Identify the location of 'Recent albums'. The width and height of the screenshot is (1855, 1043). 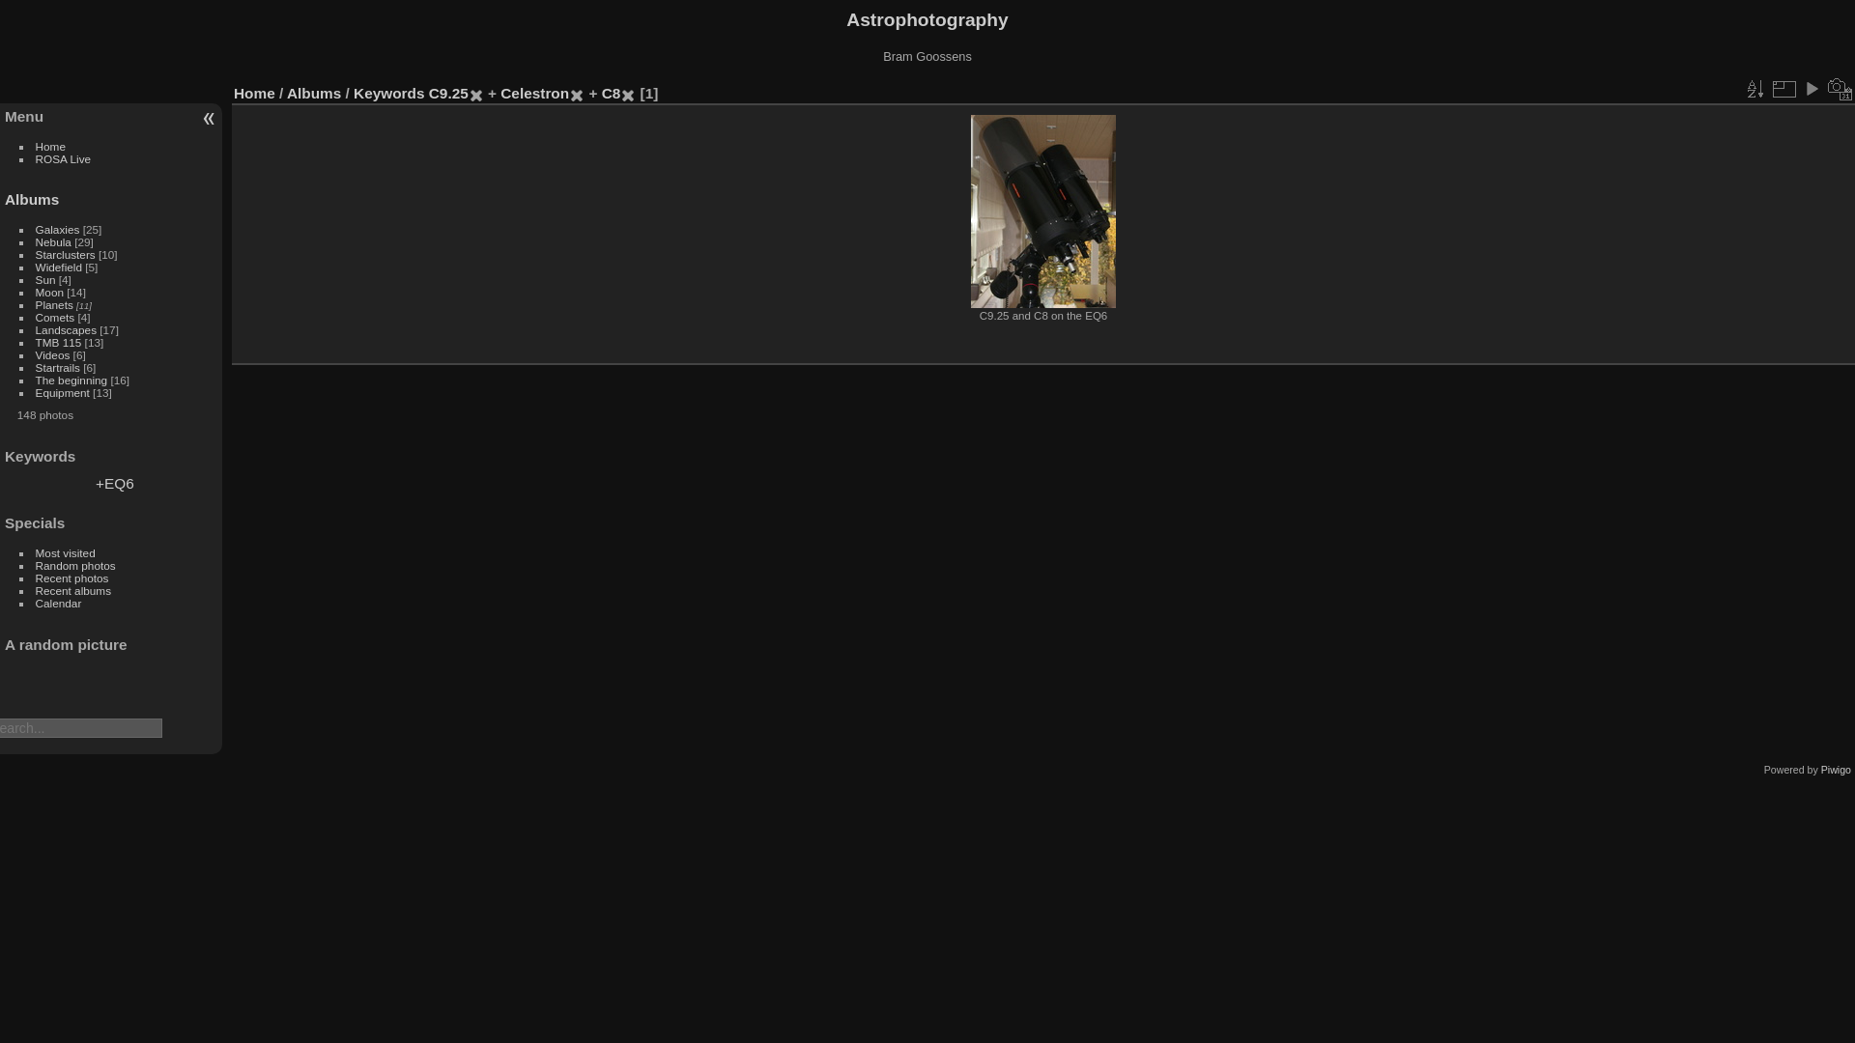
(73, 589).